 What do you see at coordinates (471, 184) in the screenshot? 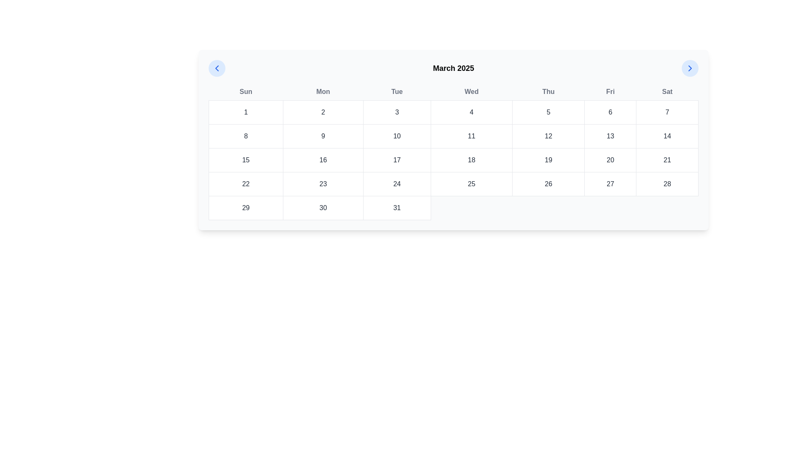
I see `the button-like item in the calendar grid that displays the number '25'` at bounding box center [471, 184].